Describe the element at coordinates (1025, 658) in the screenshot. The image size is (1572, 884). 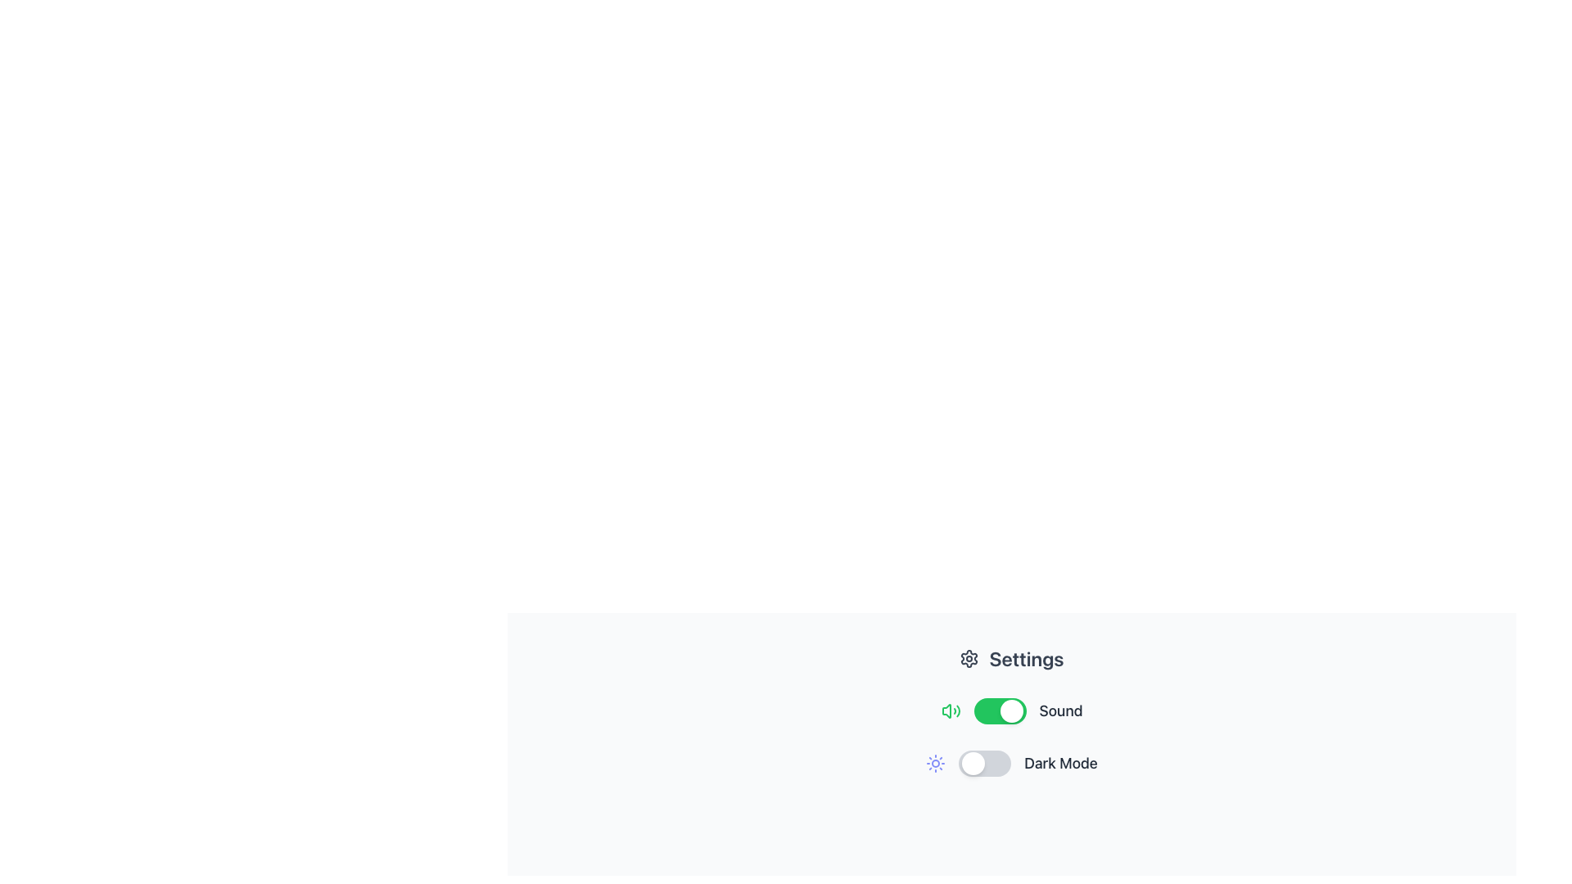
I see `the label element that serves as the title for the settings panel, located in the upper-right section of the panel interface, following the gear icon` at that location.